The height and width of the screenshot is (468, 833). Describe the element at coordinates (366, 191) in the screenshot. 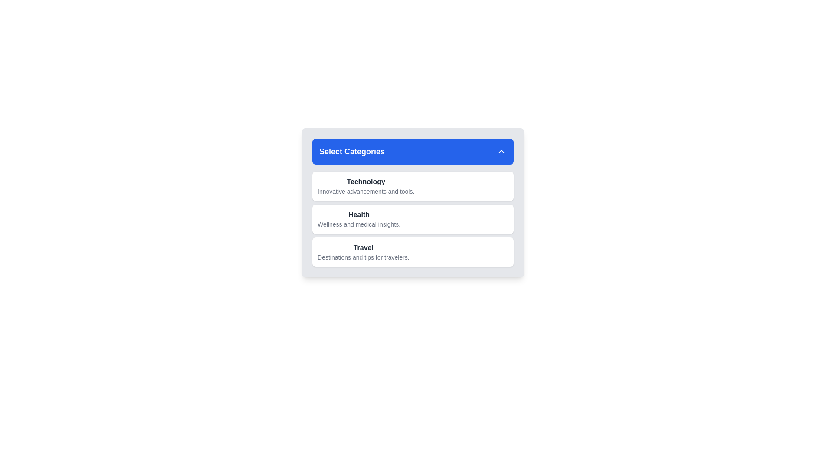

I see `description text that says 'Innovative advancements and tools.', which is small, gray text located below the 'Technology' text element in the first option group` at that location.